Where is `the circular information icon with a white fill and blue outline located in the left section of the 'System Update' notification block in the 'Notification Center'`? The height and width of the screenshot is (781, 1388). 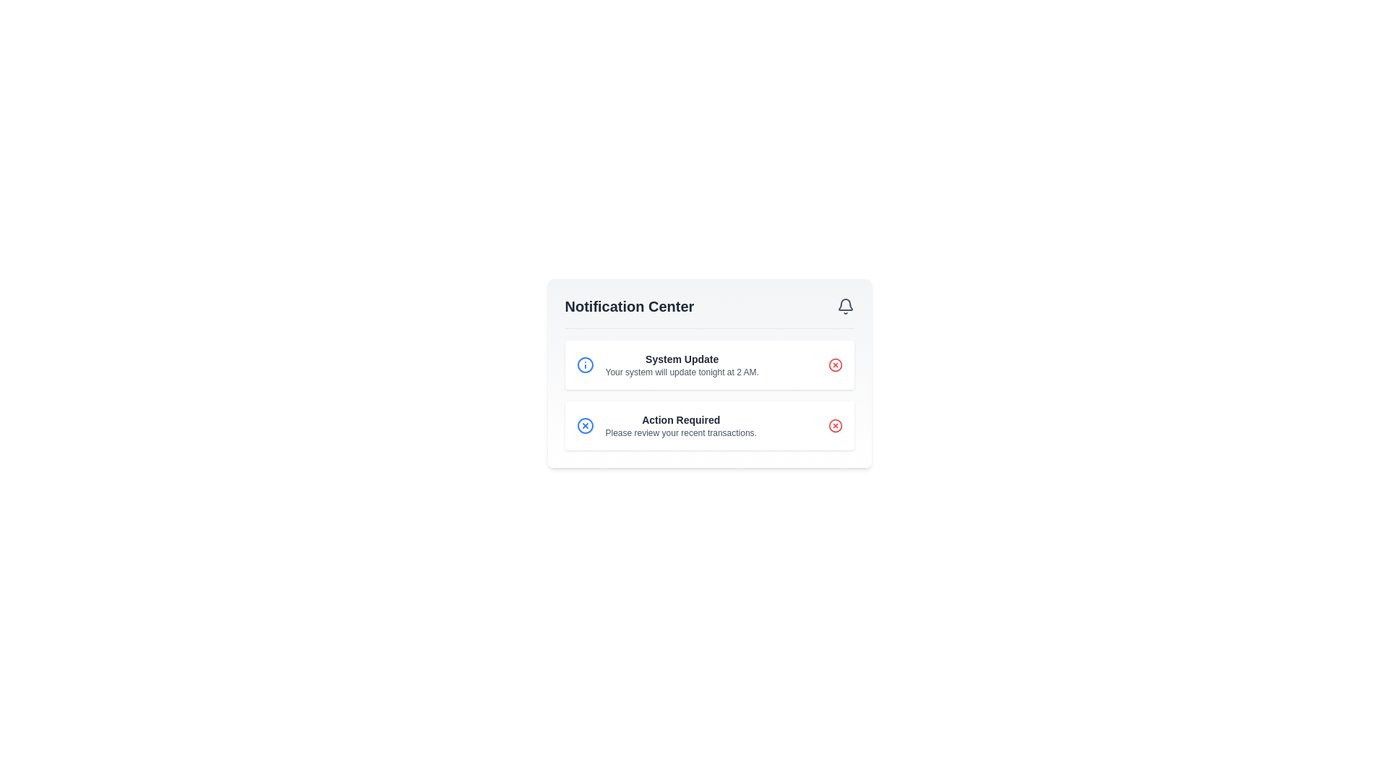
the circular information icon with a white fill and blue outline located in the left section of the 'System Update' notification block in the 'Notification Center' is located at coordinates (585, 364).